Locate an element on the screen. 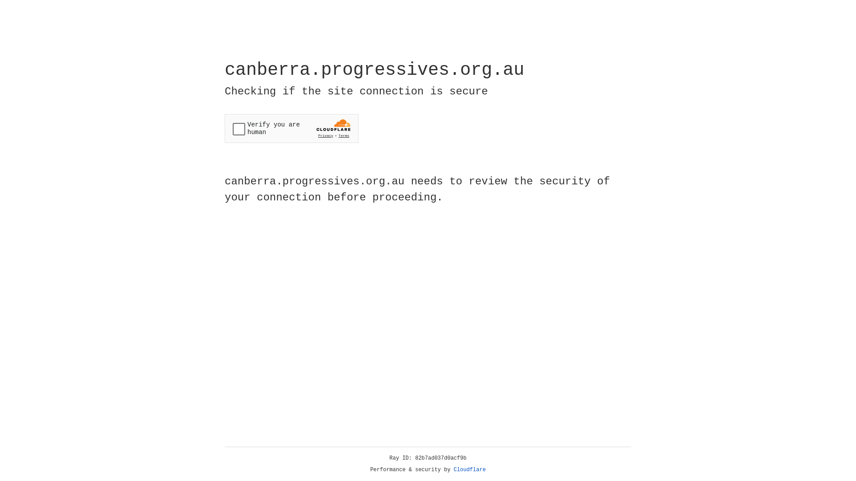 This screenshot has width=856, height=481. 'Widget containing a Cloudflare security challenge' is located at coordinates (291, 128).